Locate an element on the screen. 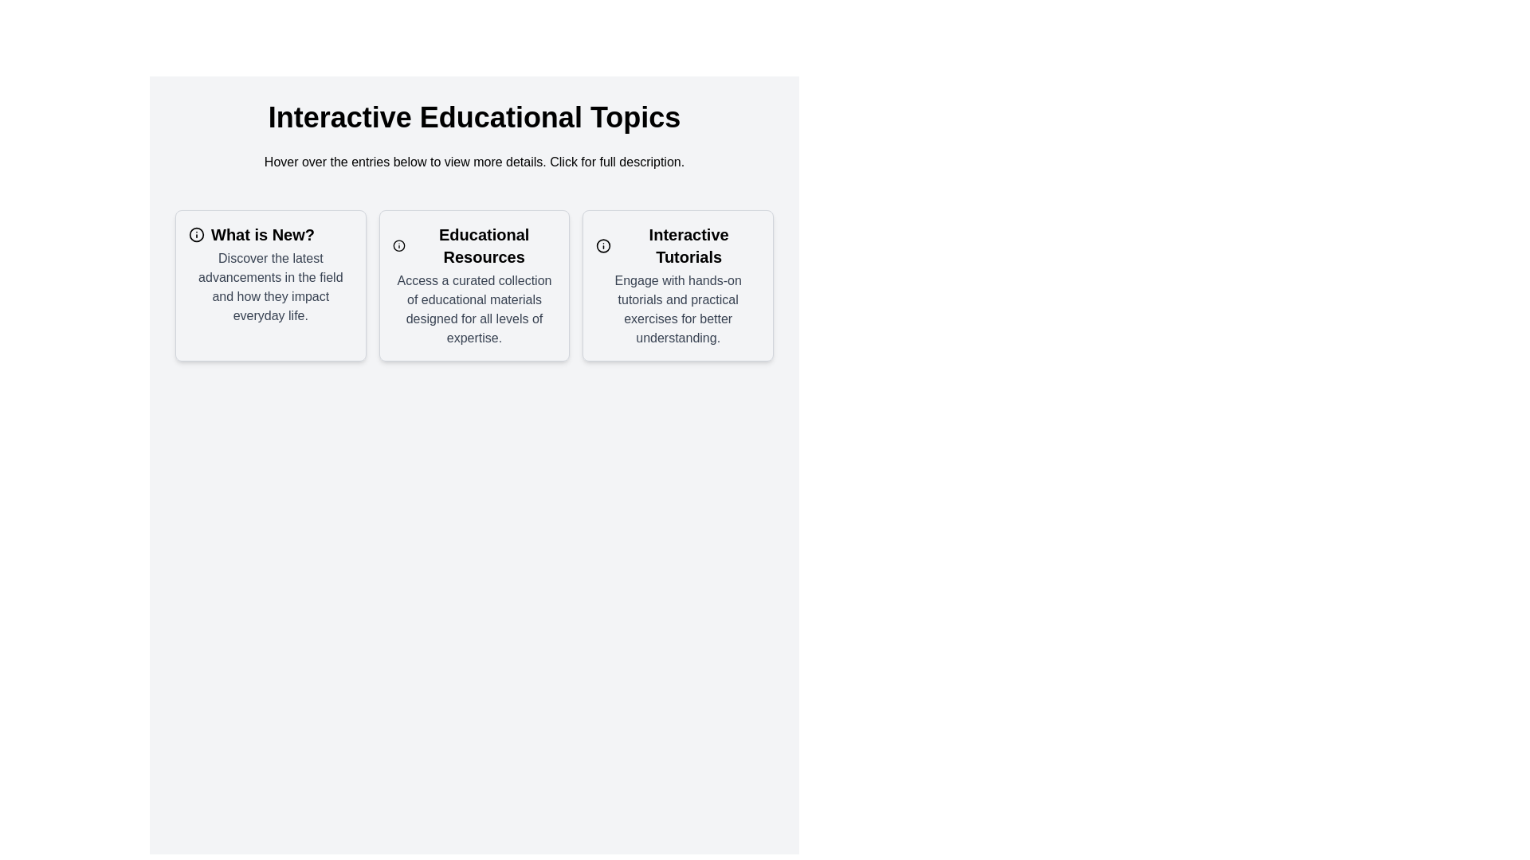 This screenshot has height=860, width=1530. text of the header element labeled 'Educational Resources', which is styled in bold and larger than surrounding text, located centrally under the 'Interactive Educational Topics' heading is located at coordinates (473, 245).